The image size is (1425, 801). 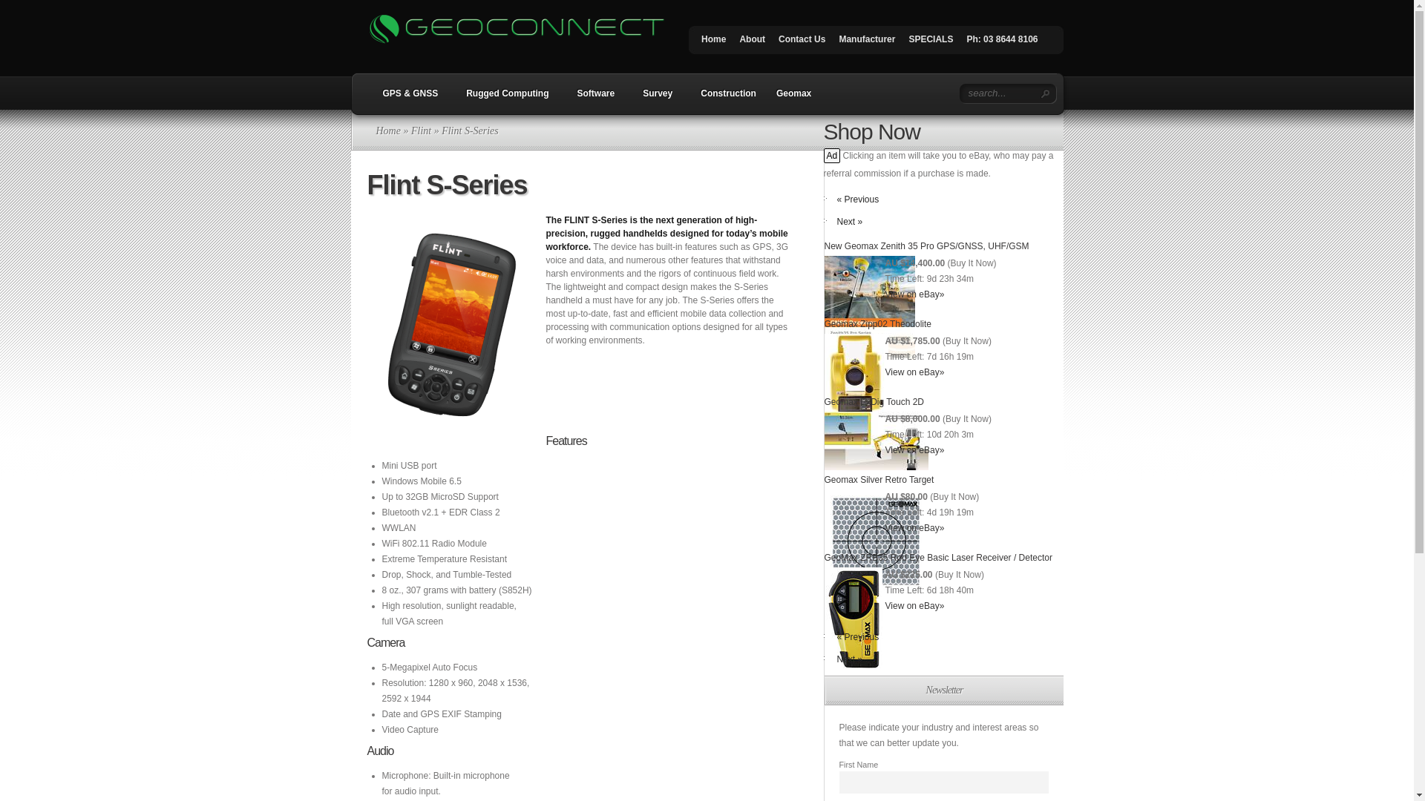 What do you see at coordinates (877, 323) in the screenshot?
I see `'Geomax Zipp02 Theodolite'` at bounding box center [877, 323].